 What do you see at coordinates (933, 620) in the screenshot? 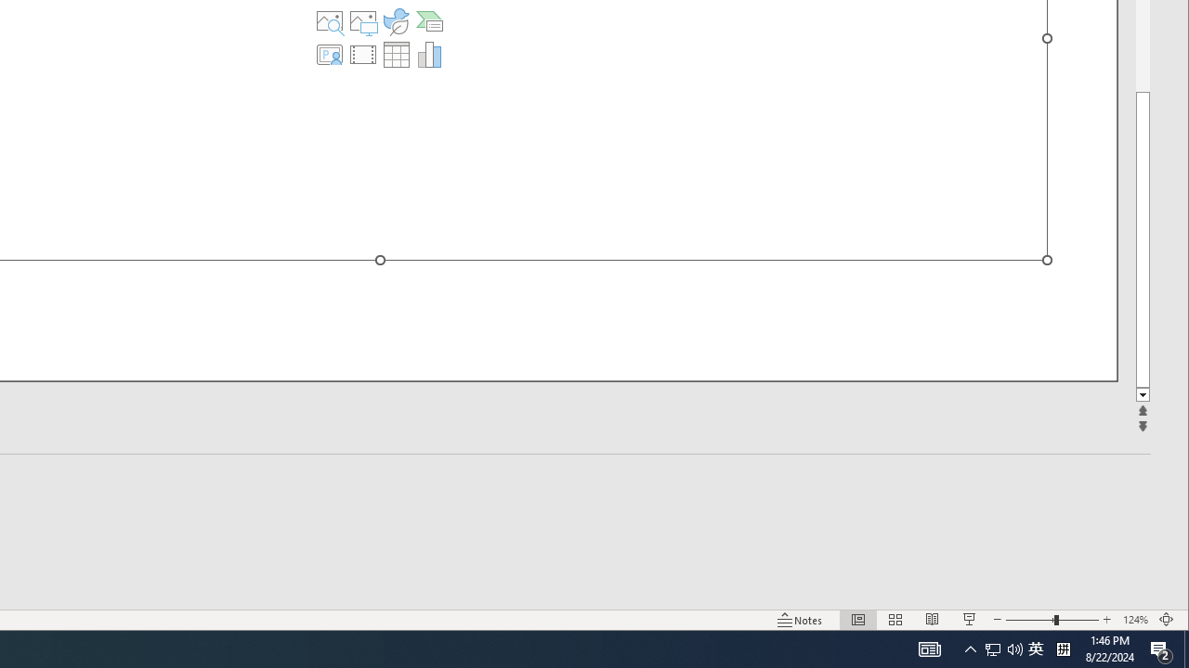
I see `'Reading View'` at bounding box center [933, 620].